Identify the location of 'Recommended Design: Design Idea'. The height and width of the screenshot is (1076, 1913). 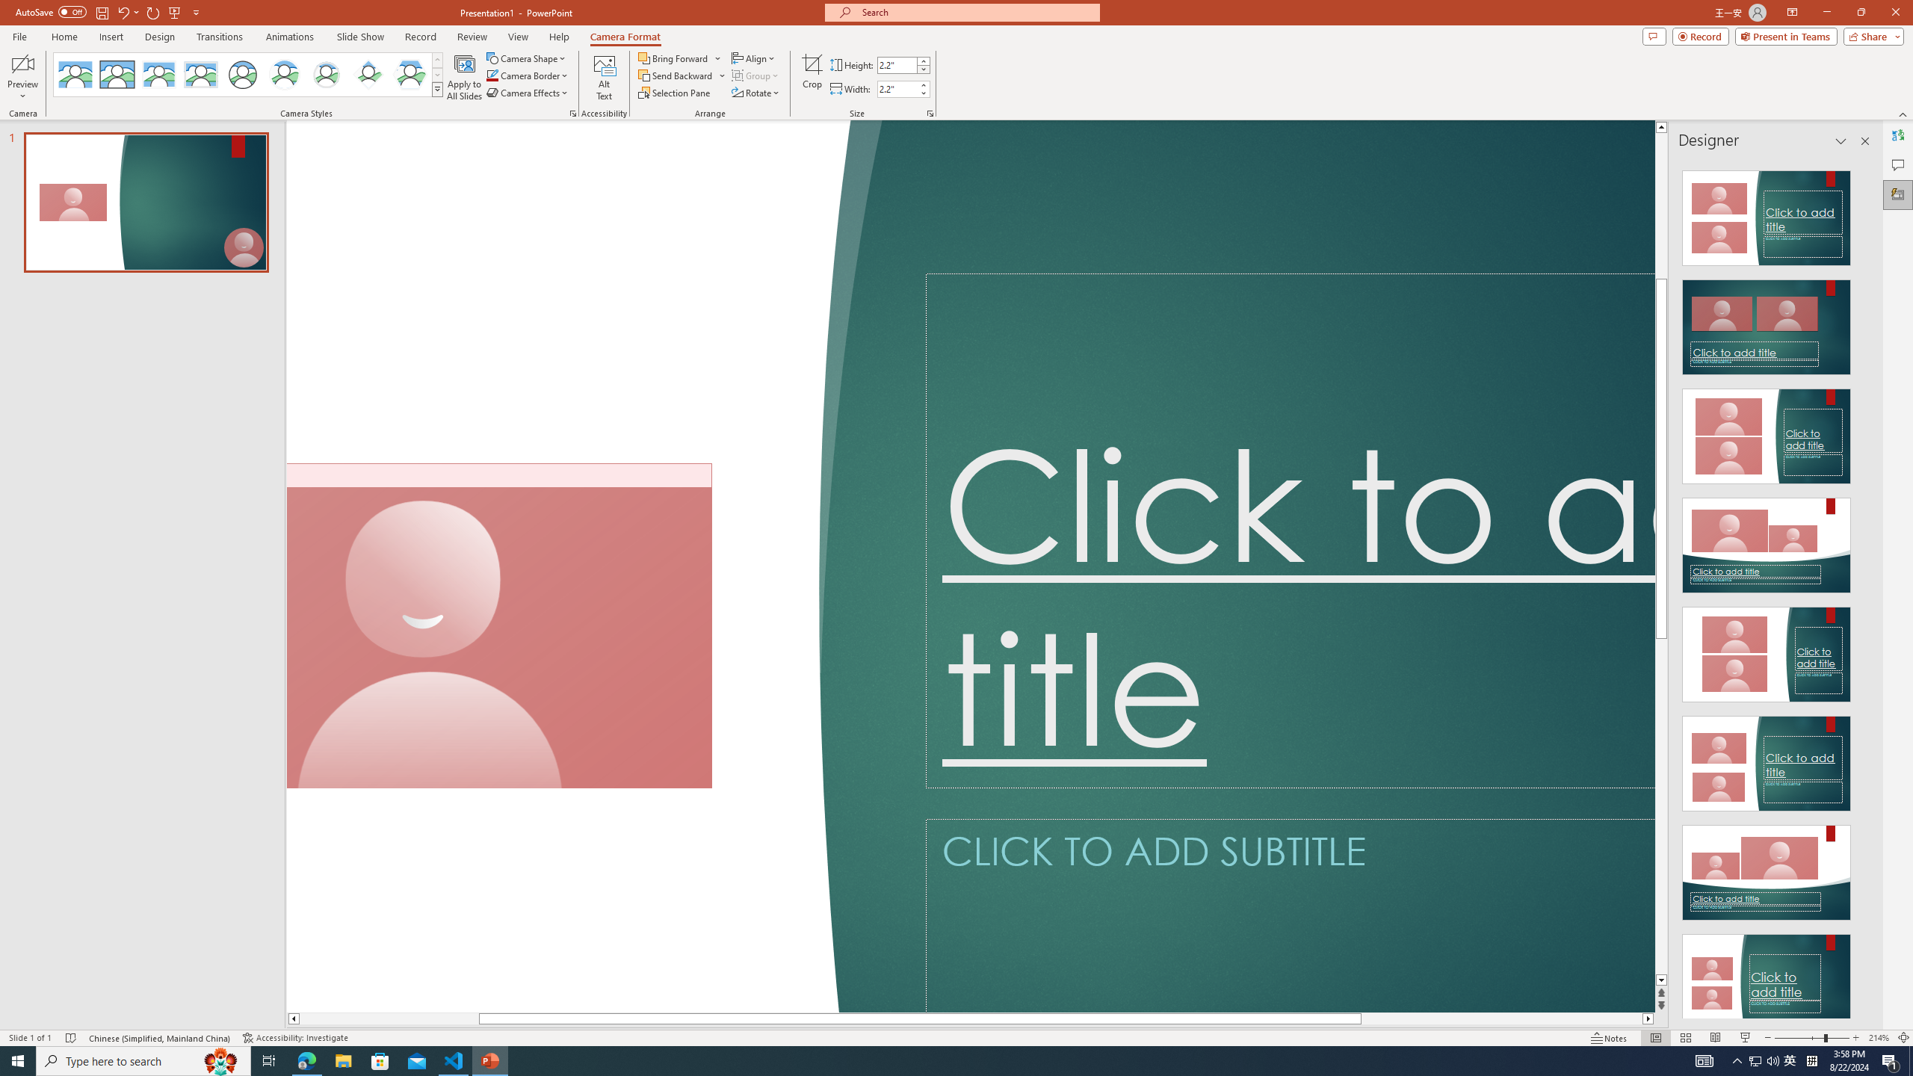
(1767, 212).